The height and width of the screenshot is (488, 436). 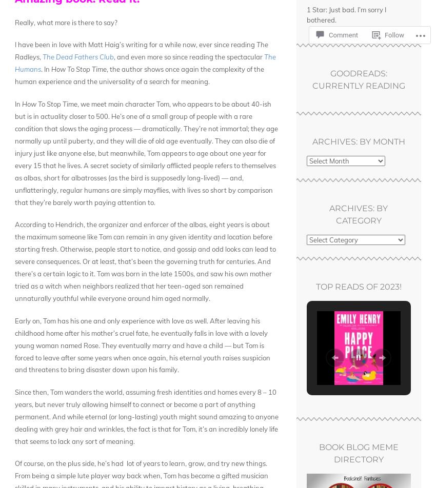 I want to click on 'I have been in love with Matt Haig’s writing for a while now, ever since reading', so click(x=135, y=45).